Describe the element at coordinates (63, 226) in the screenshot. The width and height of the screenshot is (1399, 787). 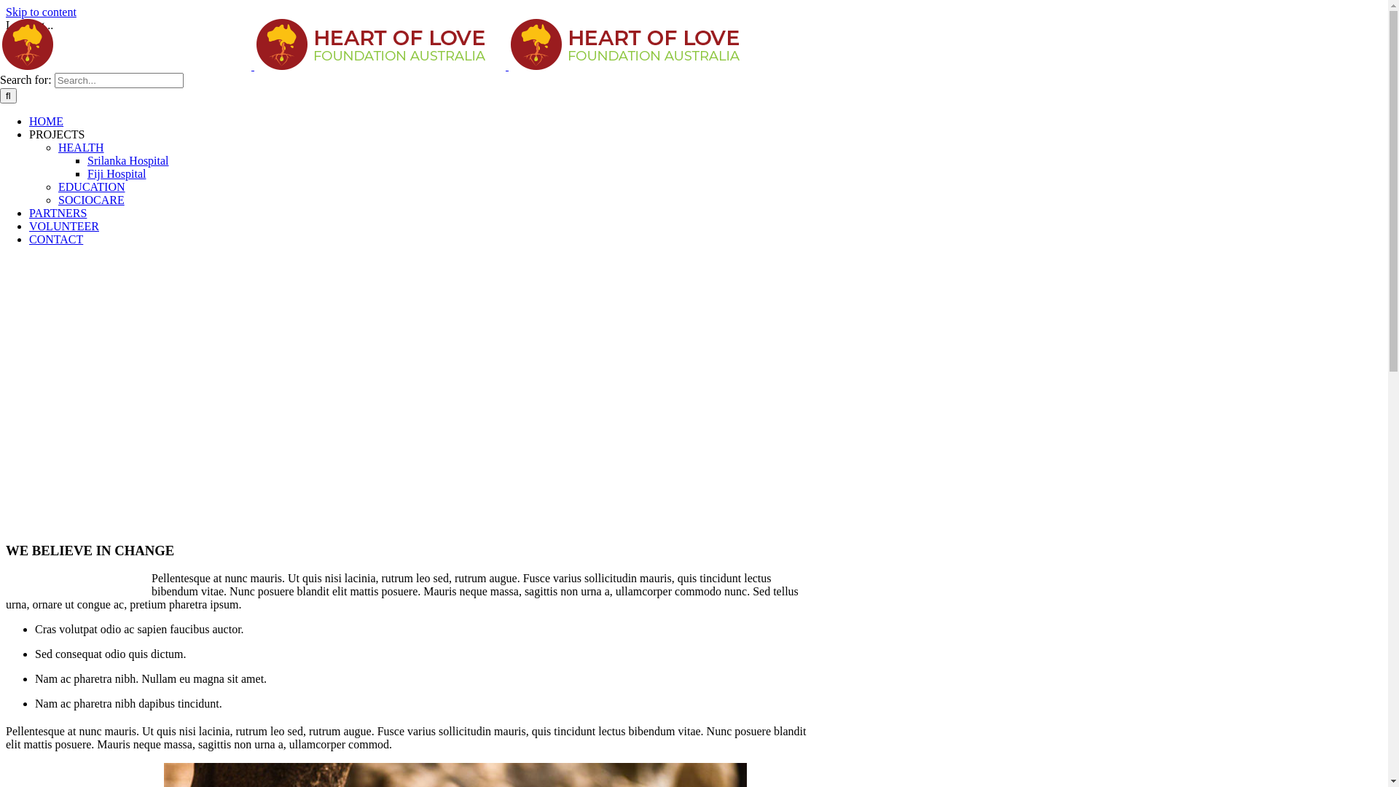
I see `'VOLUNTEER'` at that location.